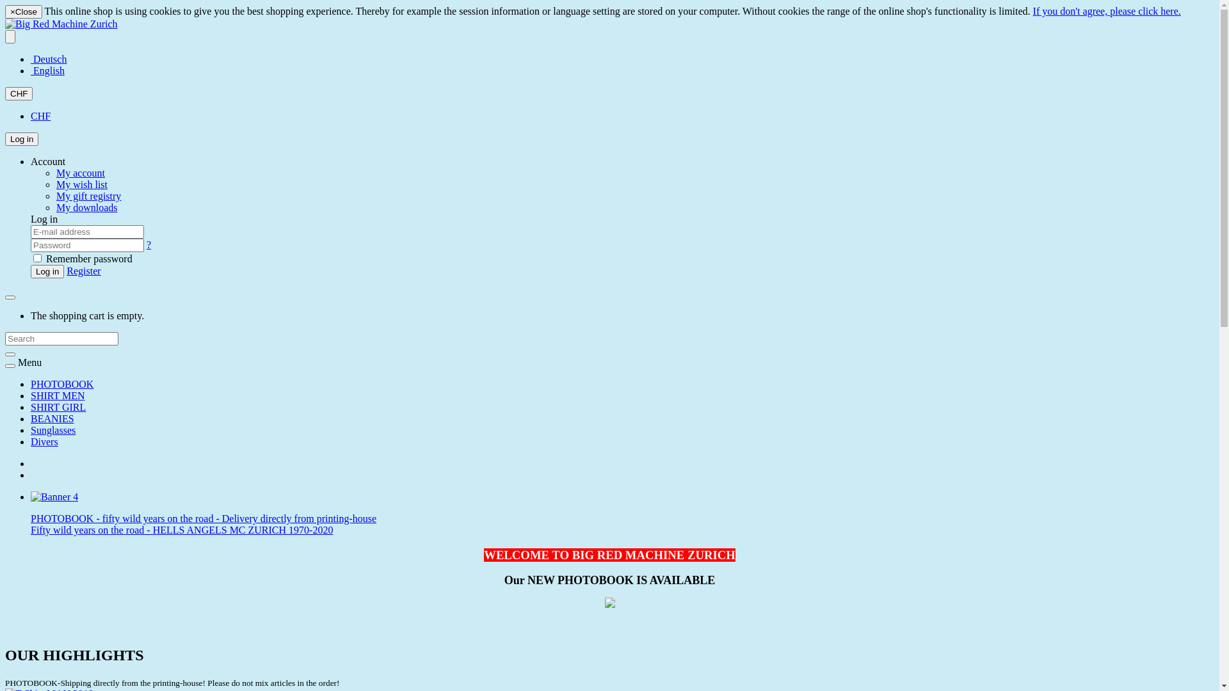 Image resolution: width=1229 pixels, height=691 pixels. I want to click on 'If you don't agree, please click here.', so click(1106, 11).